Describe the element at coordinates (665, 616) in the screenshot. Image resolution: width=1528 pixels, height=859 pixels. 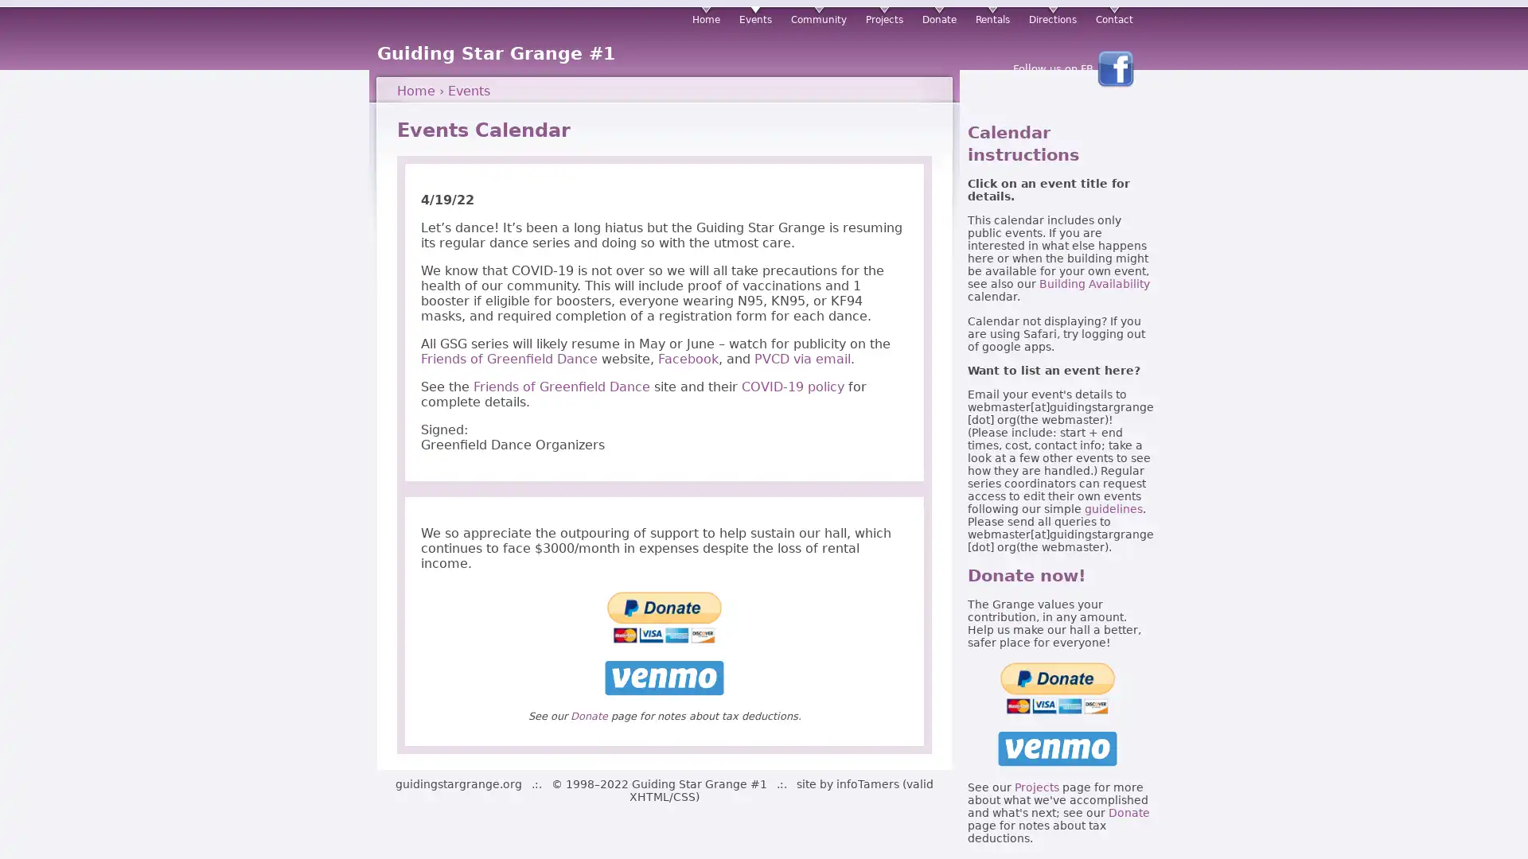
I see `PayPal - The safer, easier way to pay online!` at that location.